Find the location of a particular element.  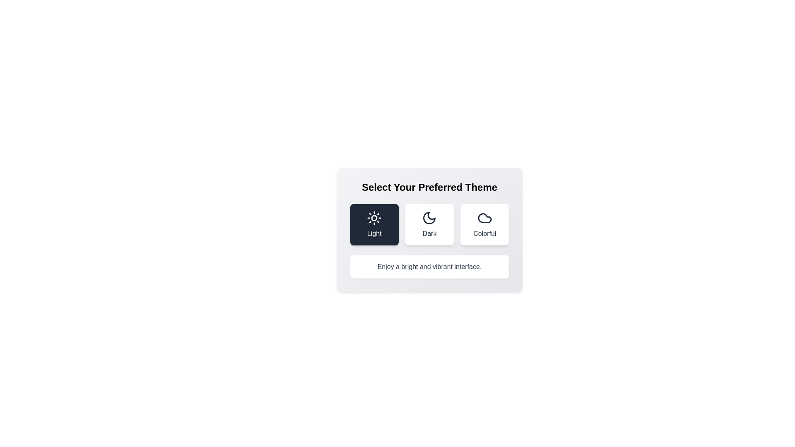

the theme Light to read its description is located at coordinates (373, 225).